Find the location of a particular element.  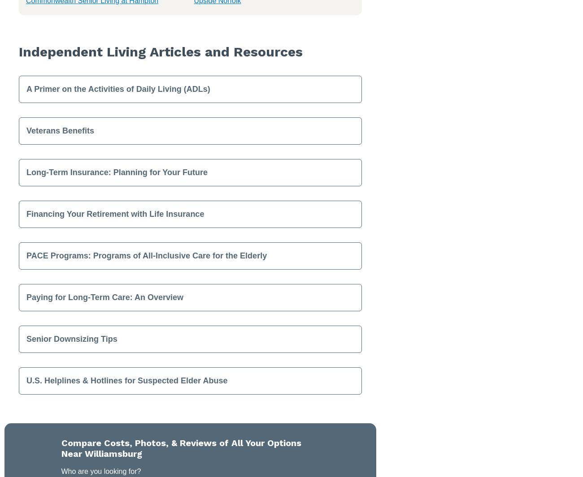

'U.S. Helplines & Hotlines for Suspected Elder Abuse' is located at coordinates (127, 380).